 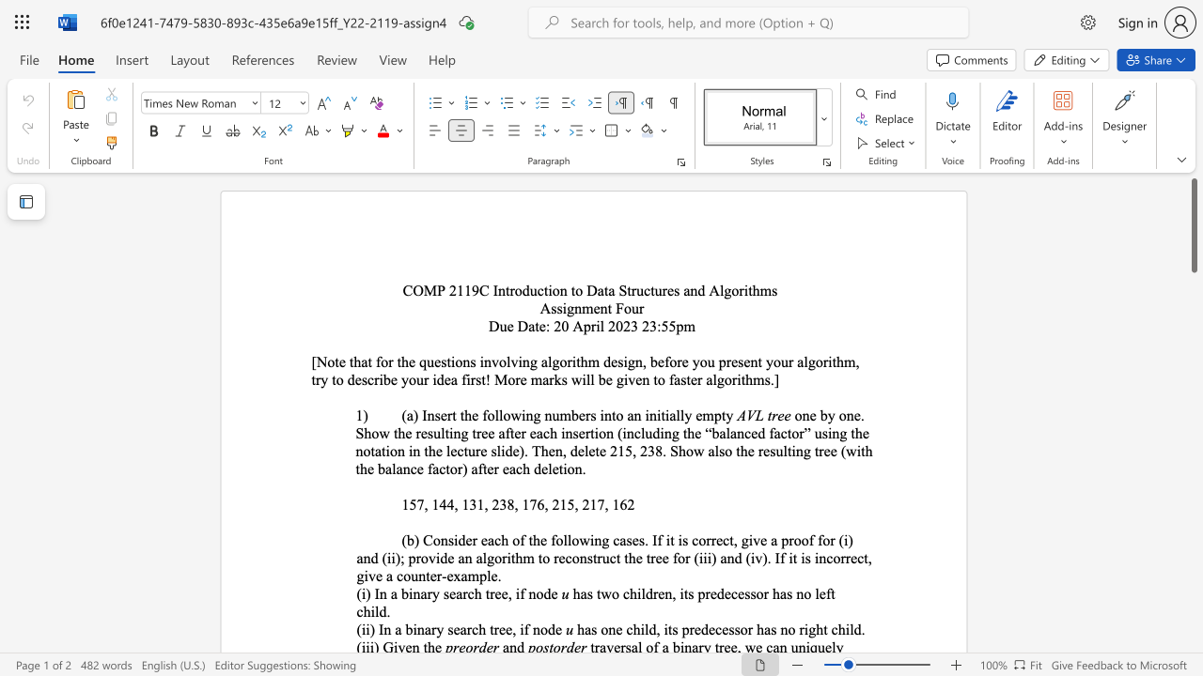 I want to click on the subset text "57, 144, 131, 23" within the text "157, 144, 131, 238, 176, 215, 217, 162", so click(x=408, y=503).